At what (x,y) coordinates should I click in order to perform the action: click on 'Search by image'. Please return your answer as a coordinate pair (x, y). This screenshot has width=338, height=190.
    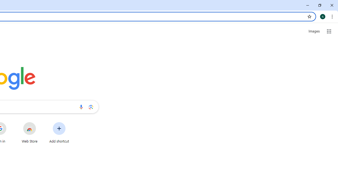
    Looking at the image, I should click on (91, 107).